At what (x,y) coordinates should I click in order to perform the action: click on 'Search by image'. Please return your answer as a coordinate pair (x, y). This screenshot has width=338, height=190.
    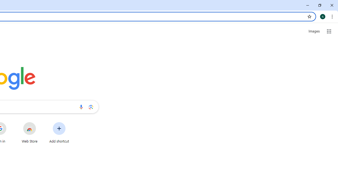
    Looking at the image, I should click on (91, 107).